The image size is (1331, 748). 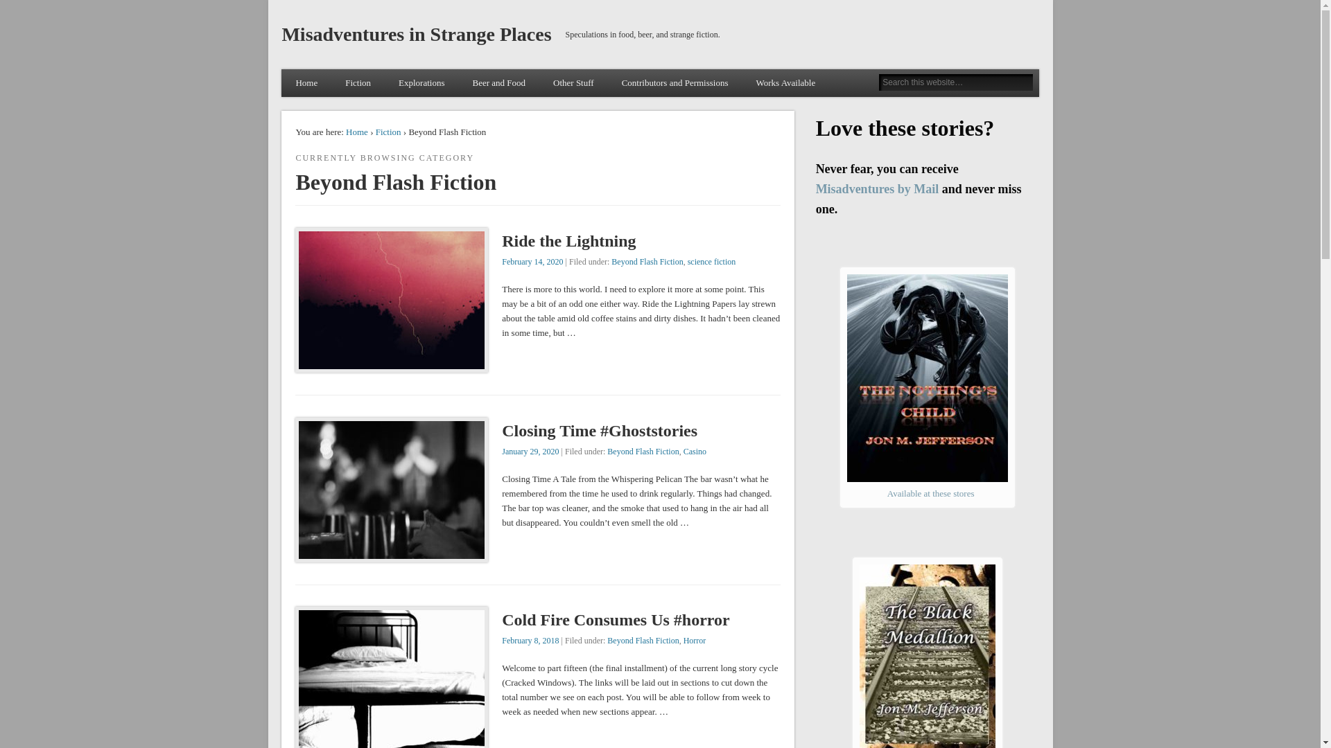 I want to click on 'Home', so click(x=305, y=82).